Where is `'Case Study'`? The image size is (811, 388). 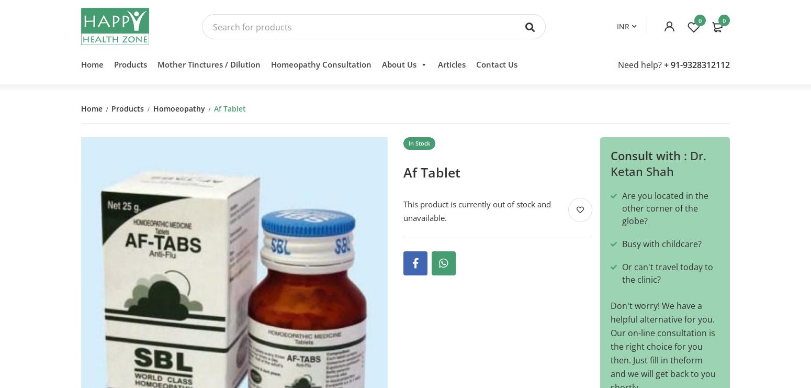
'Case Study' is located at coordinates (387, 145).